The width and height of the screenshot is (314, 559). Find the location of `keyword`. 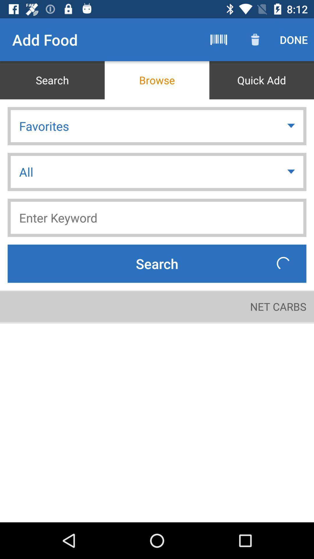

keyword is located at coordinates (157, 217).